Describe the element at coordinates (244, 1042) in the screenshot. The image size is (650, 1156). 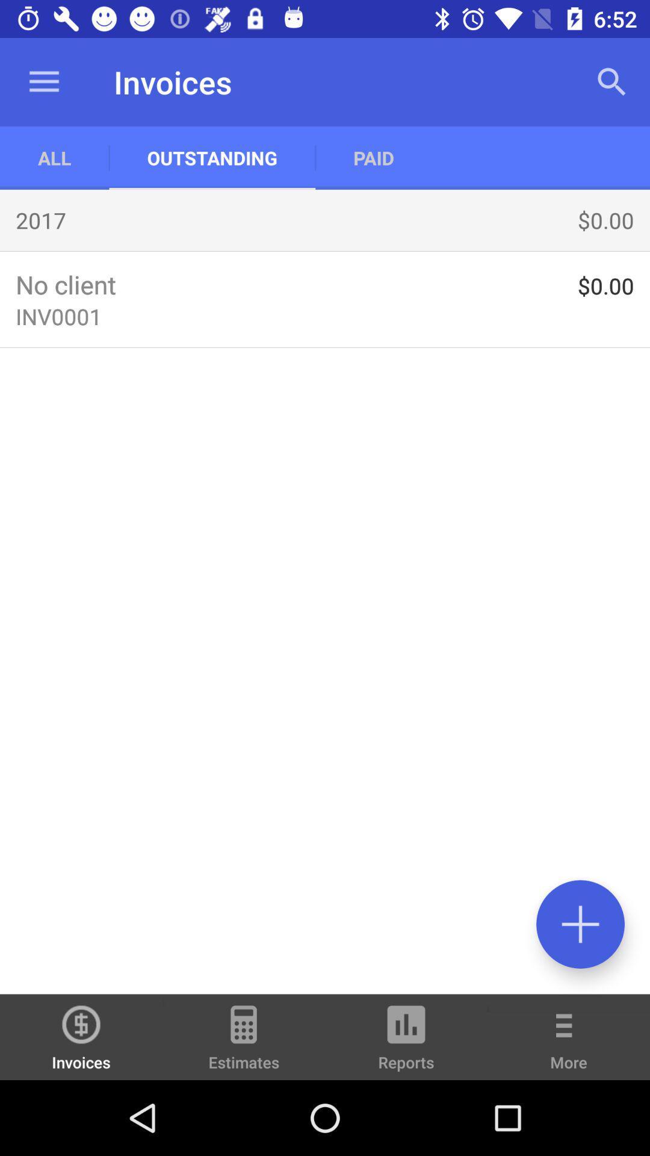
I see `the item to the left of the reports item` at that location.